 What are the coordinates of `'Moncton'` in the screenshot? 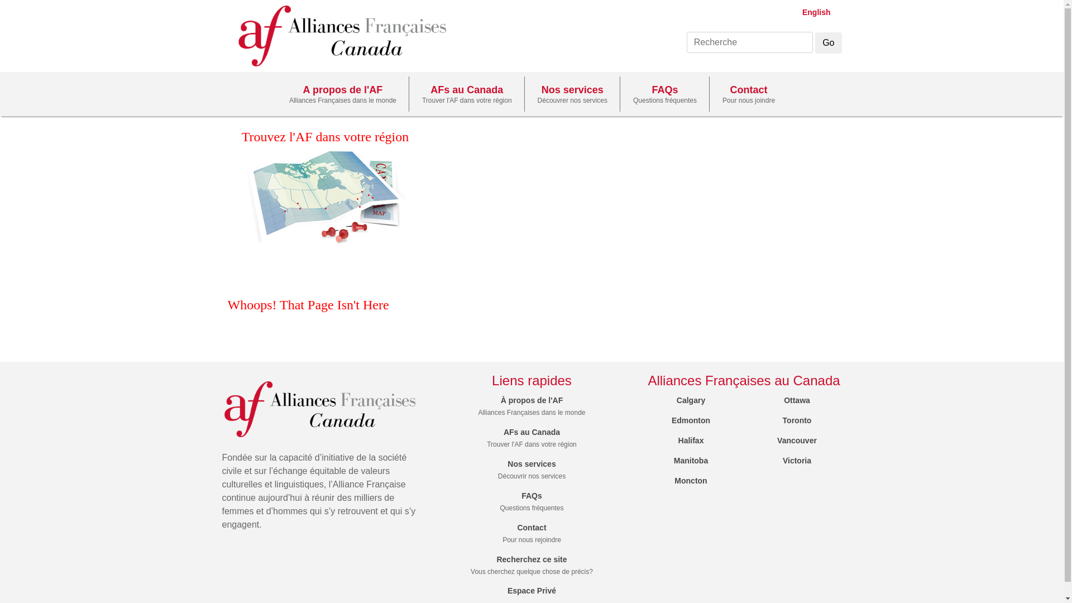 It's located at (690, 480).